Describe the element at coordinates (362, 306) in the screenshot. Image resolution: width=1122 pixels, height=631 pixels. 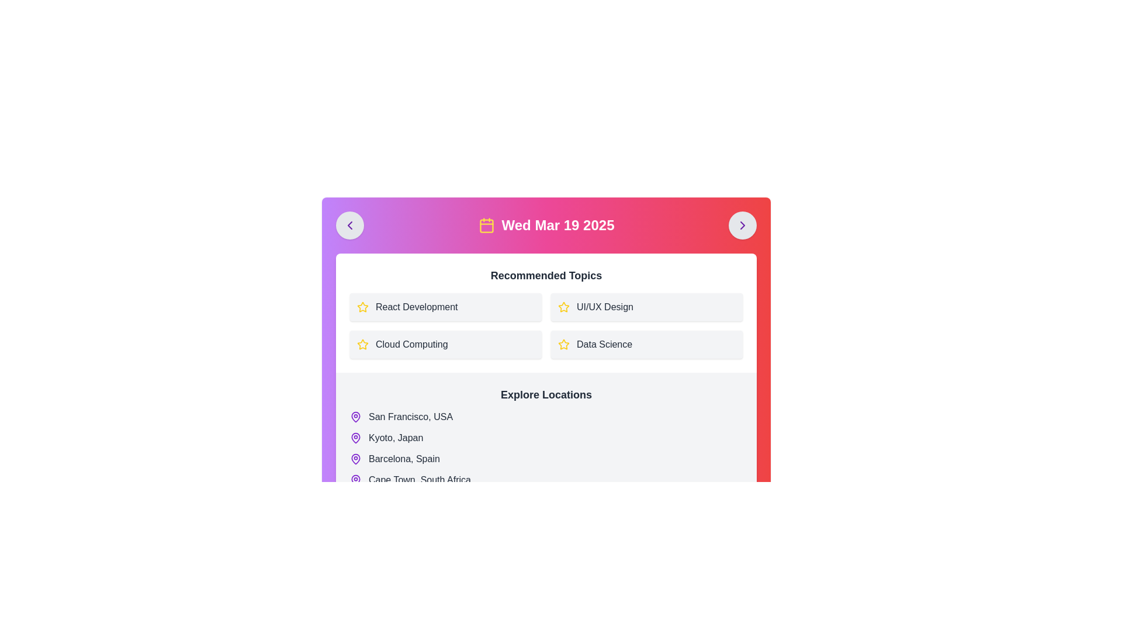
I see `the first yellow star icon next to the text 'React Development' in the recommended topics grid` at that location.